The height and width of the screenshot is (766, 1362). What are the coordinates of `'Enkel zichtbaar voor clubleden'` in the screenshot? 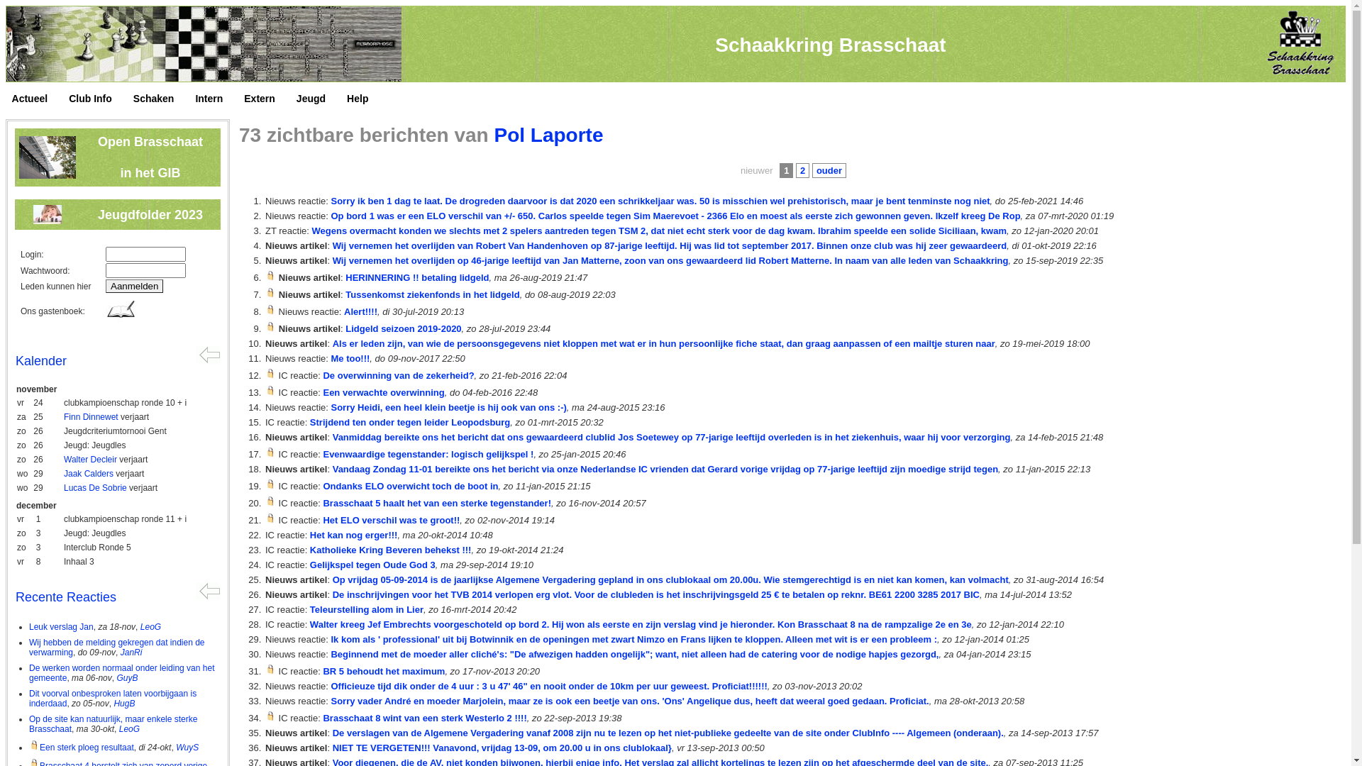 It's located at (265, 292).